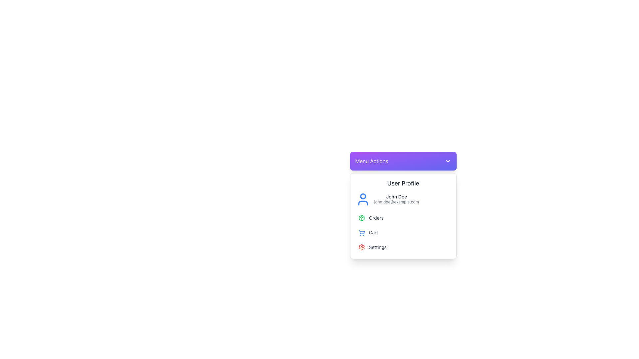 This screenshot has width=639, height=359. Describe the element at coordinates (448, 161) in the screenshot. I see `the dropdown indicator icon located at the far-right side of the purple header, adjacent to 'Menu Actions'` at that location.